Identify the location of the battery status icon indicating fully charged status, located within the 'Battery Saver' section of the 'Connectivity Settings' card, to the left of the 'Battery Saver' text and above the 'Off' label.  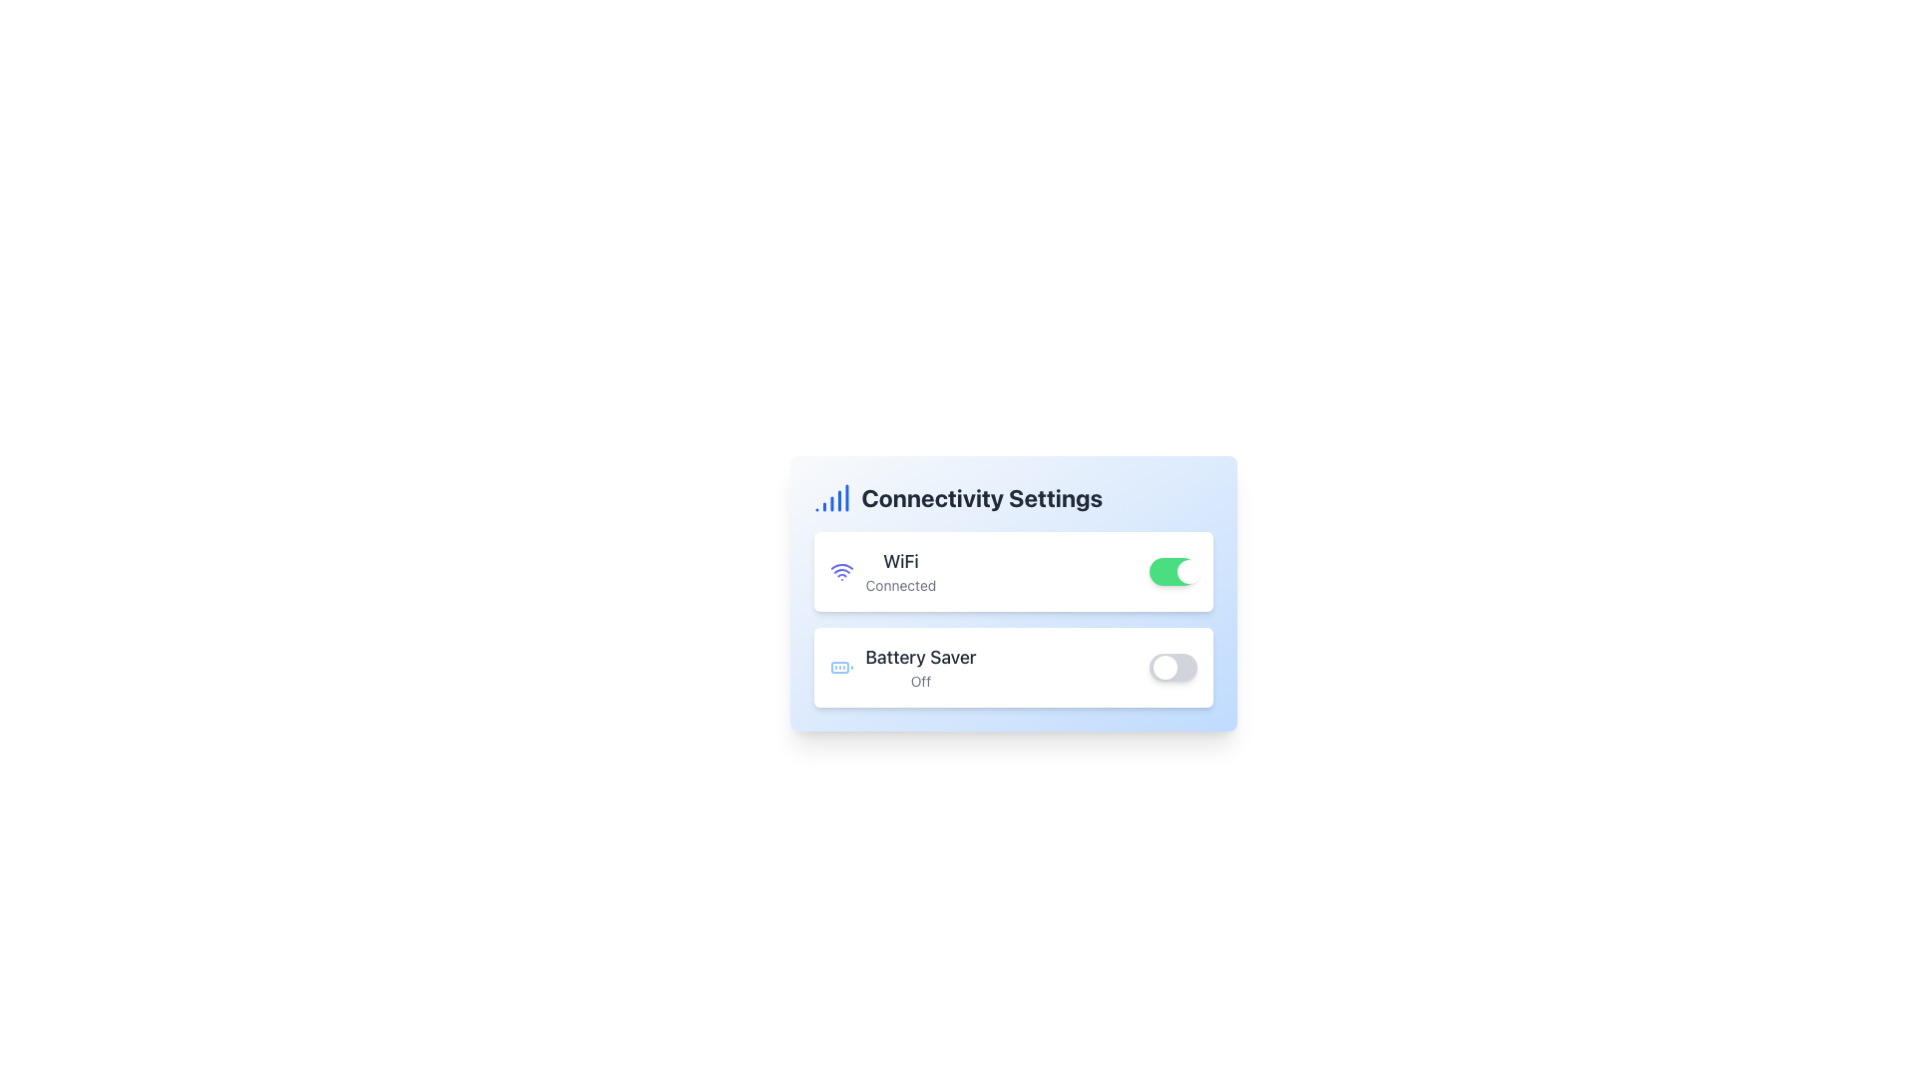
(841, 667).